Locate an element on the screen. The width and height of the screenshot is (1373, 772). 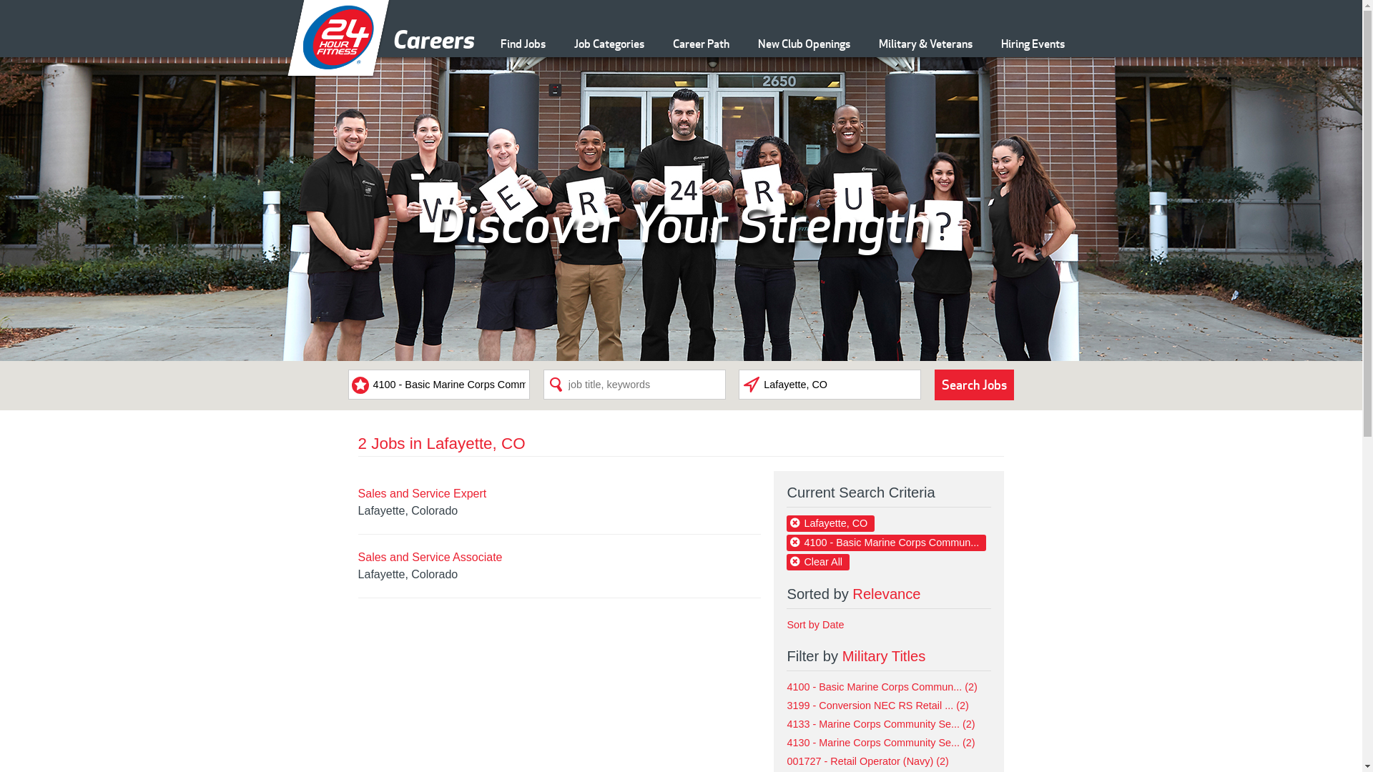
'Clear All' is located at coordinates (785, 561).